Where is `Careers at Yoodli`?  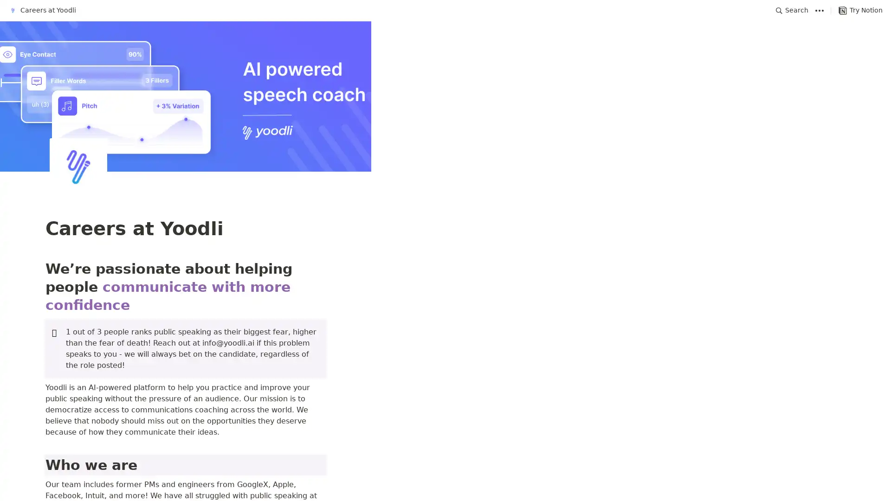 Careers at Yoodli is located at coordinates (42, 10).